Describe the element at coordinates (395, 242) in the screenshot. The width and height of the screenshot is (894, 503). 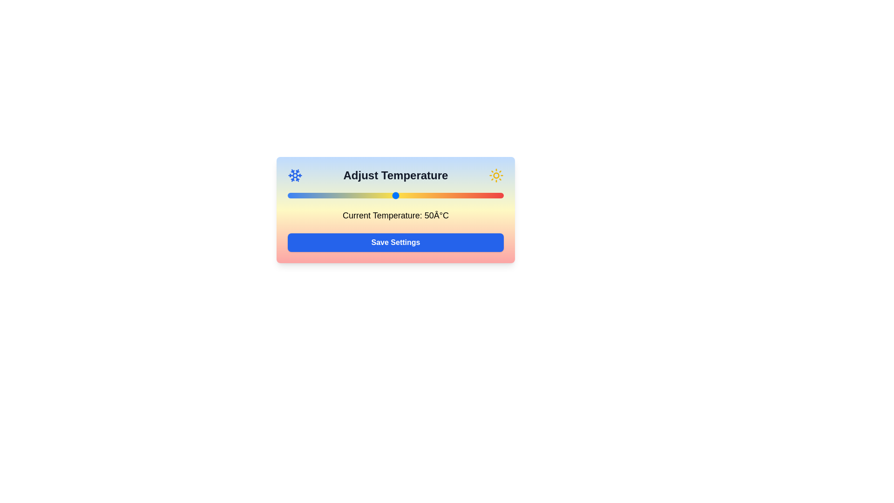
I see `'Save Settings' button to save the current temperature setting` at that location.